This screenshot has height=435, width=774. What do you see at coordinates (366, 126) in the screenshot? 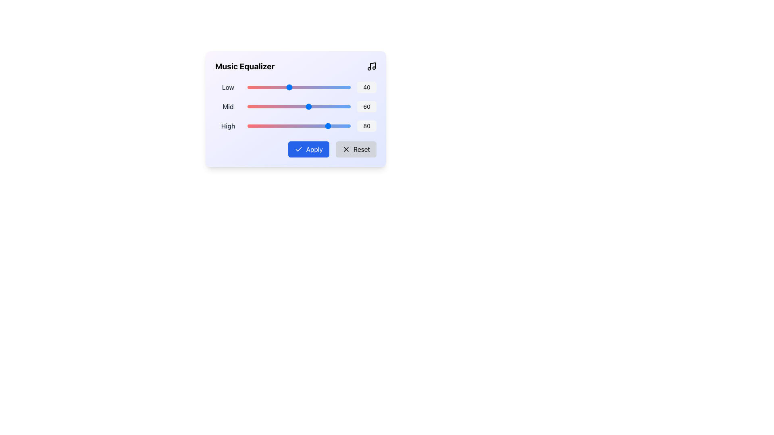
I see `the numerical display label that shows '80', which is located at the far right end of the 'High' slider bar` at bounding box center [366, 126].